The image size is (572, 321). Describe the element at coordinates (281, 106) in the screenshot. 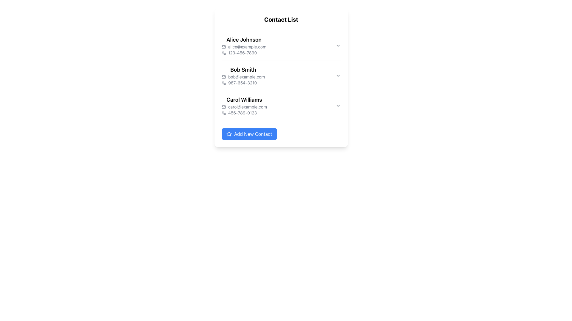

I see `the Contact Information Block that displays the contact details for the third entry in the contact list, located centrally below 'Alice Johnson' and 'Bob Smith'` at that location.